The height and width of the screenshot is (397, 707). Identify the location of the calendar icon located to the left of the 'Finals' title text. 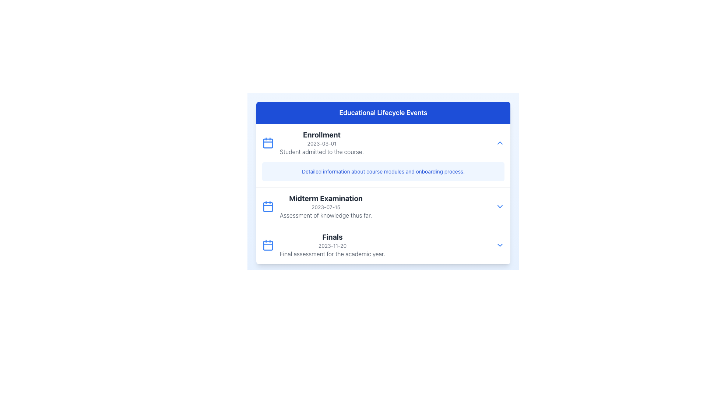
(268, 245).